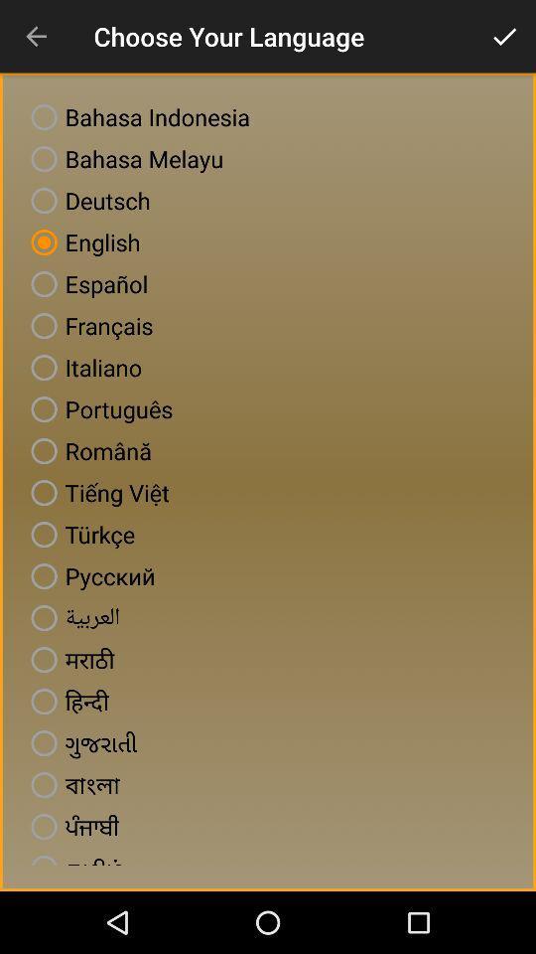 This screenshot has width=536, height=954. Describe the element at coordinates (85, 201) in the screenshot. I see `the icon above the english item` at that location.